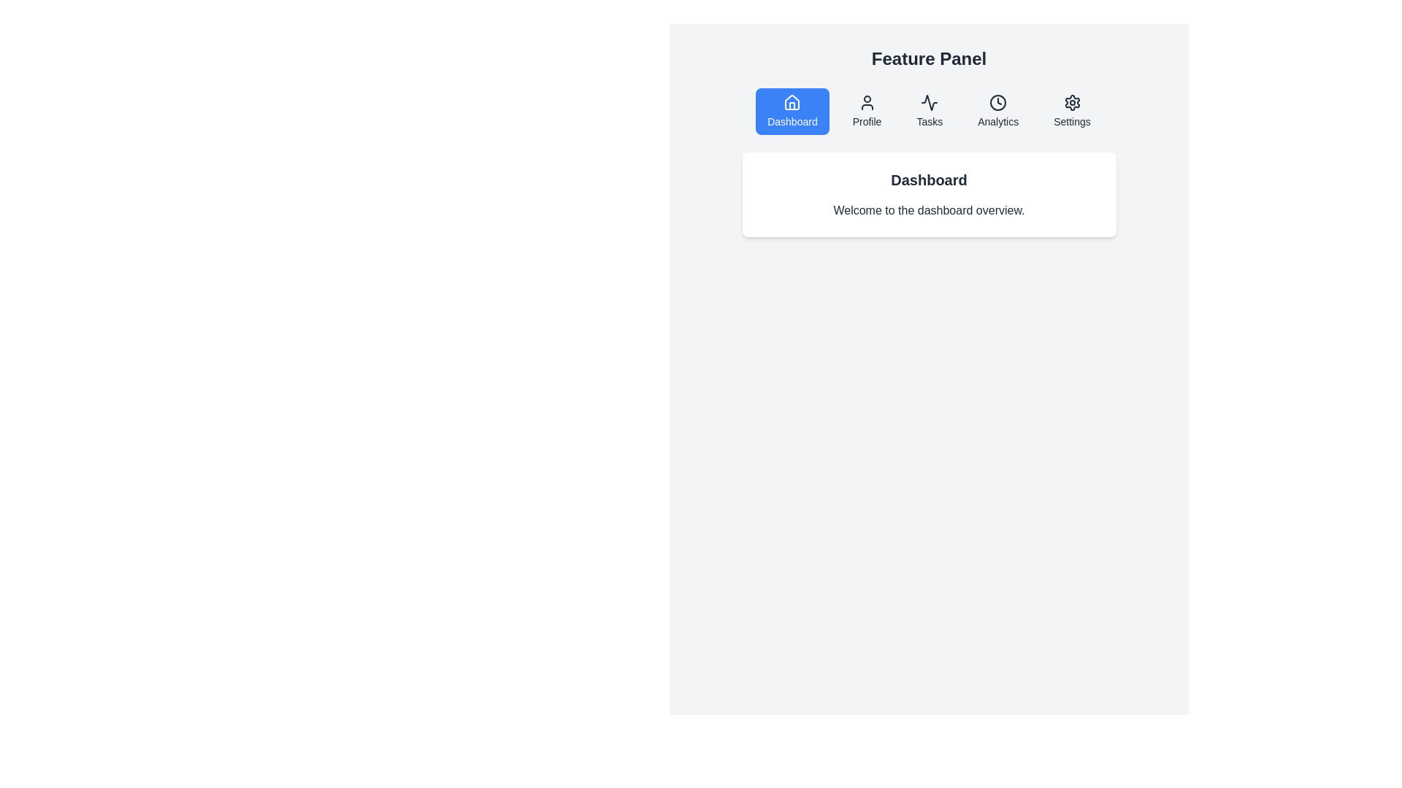 The image size is (1402, 788). I want to click on the user profile icon located within the 'Profile' button in the top navigation row, second from the left, so click(867, 102).